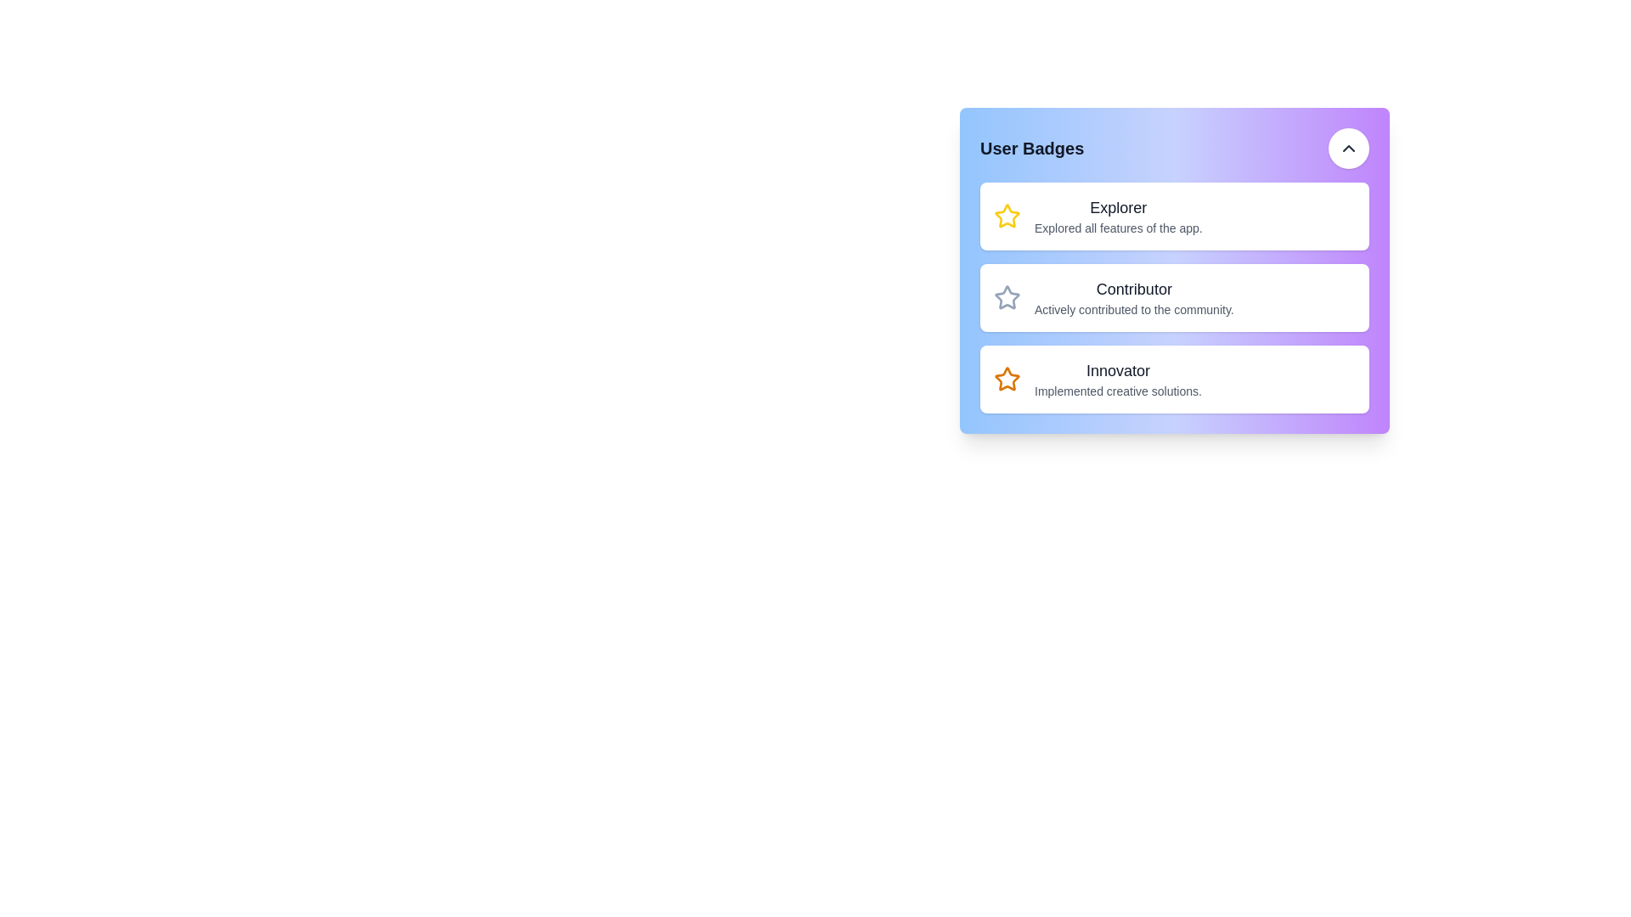 The image size is (1631, 917). I want to click on the graphic icon representing a star badge for the 'Innovator' achievement located in the 'User Badges' section, so click(1007, 379).